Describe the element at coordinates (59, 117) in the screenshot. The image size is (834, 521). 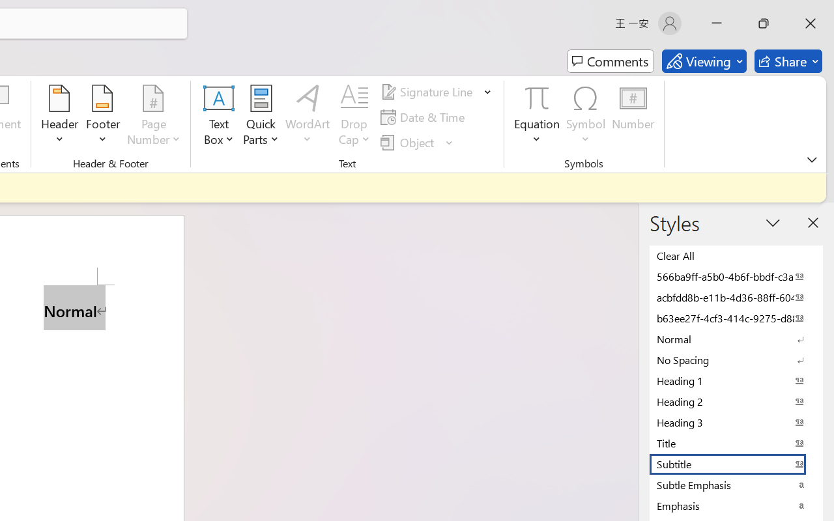
I see `'Header'` at that location.